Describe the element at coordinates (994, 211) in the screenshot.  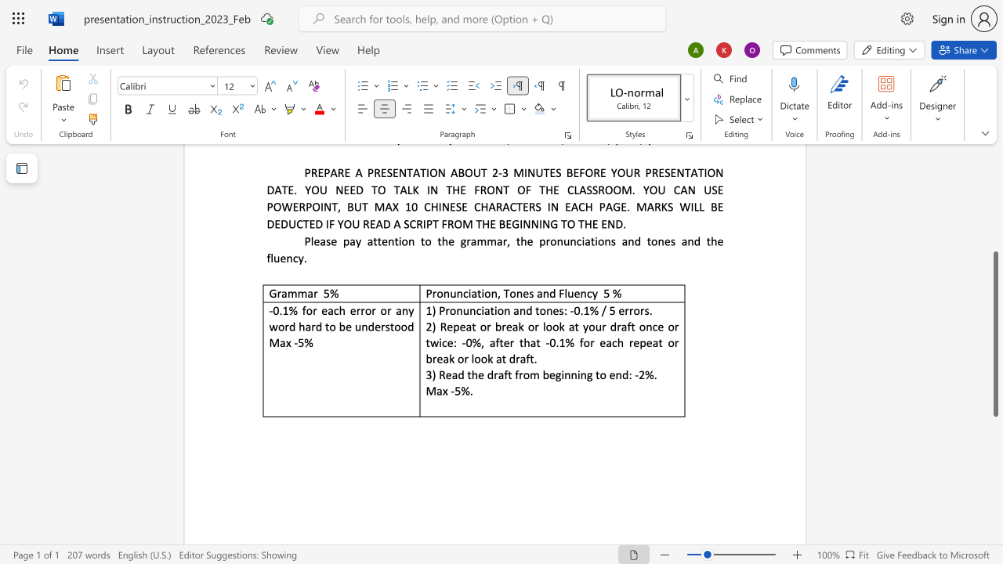
I see `the scrollbar to adjust the page upward` at that location.